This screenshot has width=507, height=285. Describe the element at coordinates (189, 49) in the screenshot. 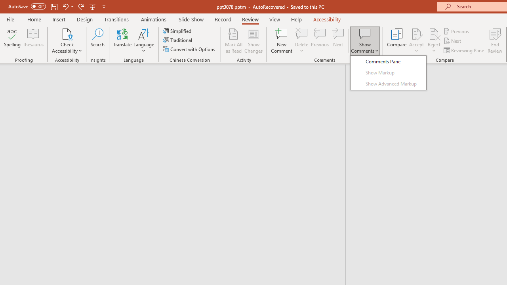

I see `'Convert with Options...'` at that location.